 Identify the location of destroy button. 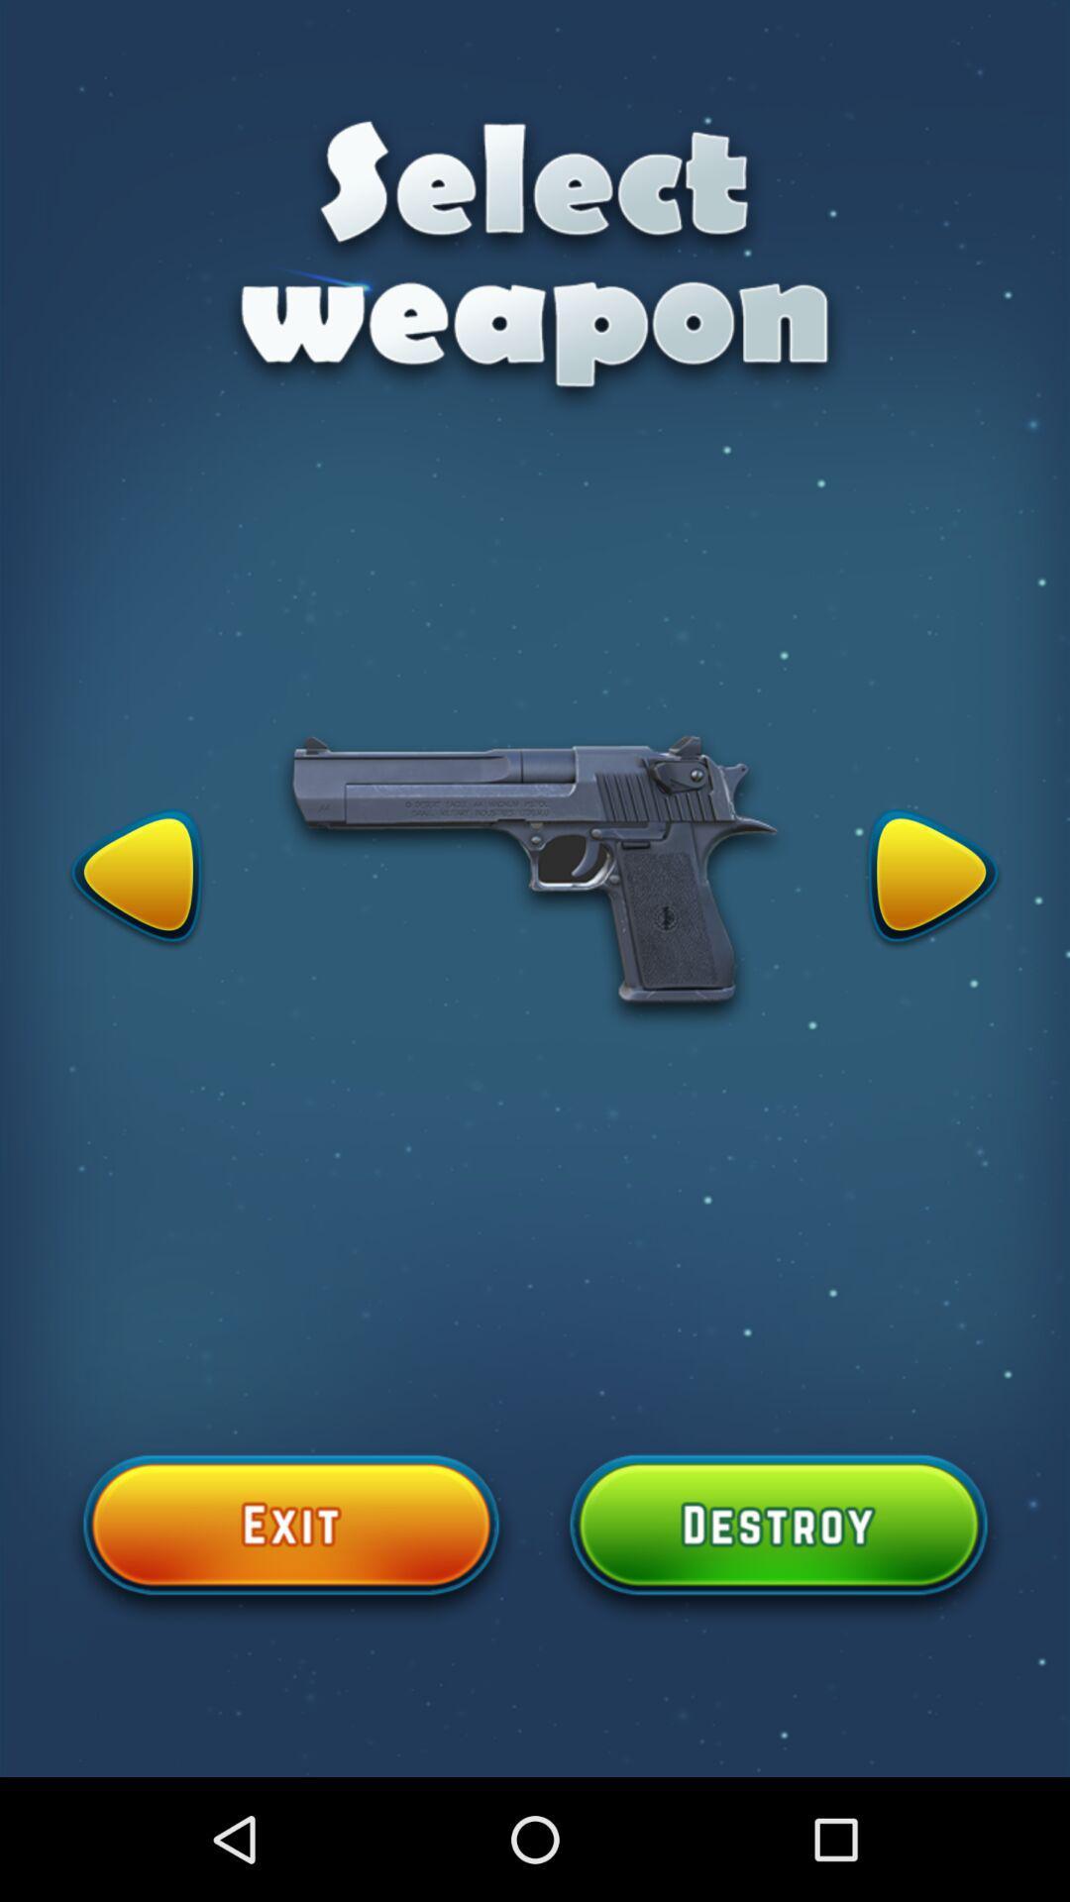
(778, 1535).